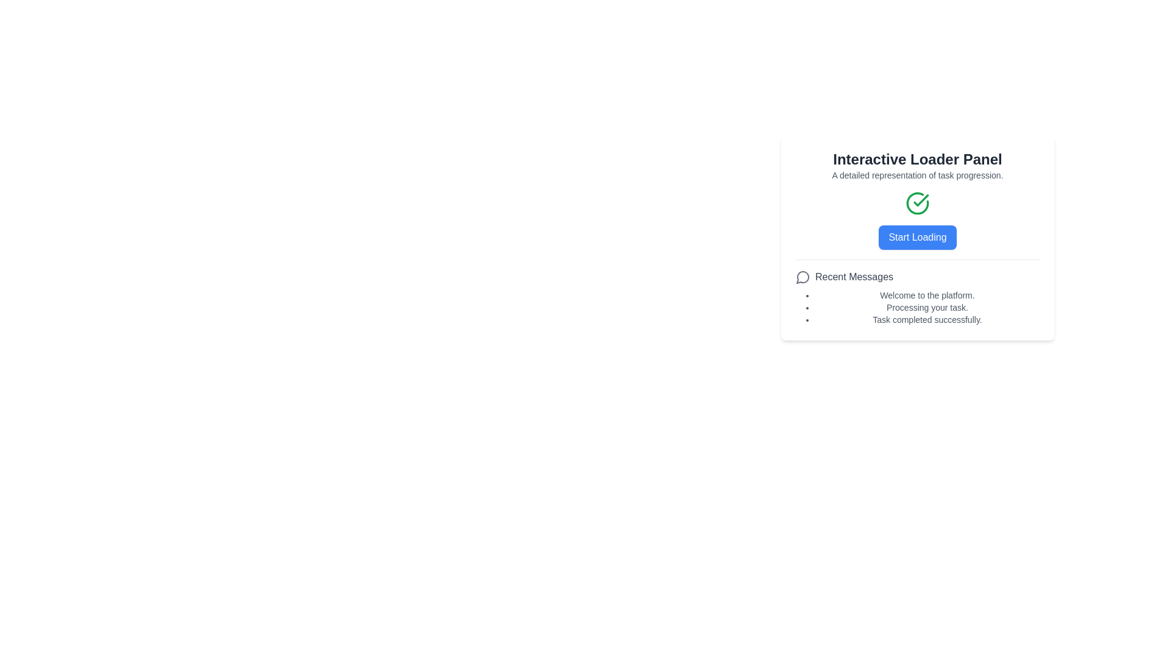 The image size is (1170, 658). What do you see at coordinates (918, 237) in the screenshot?
I see `the 'Start Loading' button, which is a rectangular button with rounded corners, blue background, and white text located at the center-bottom of the 'Interactive Loader Panel'` at bounding box center [918, 237].